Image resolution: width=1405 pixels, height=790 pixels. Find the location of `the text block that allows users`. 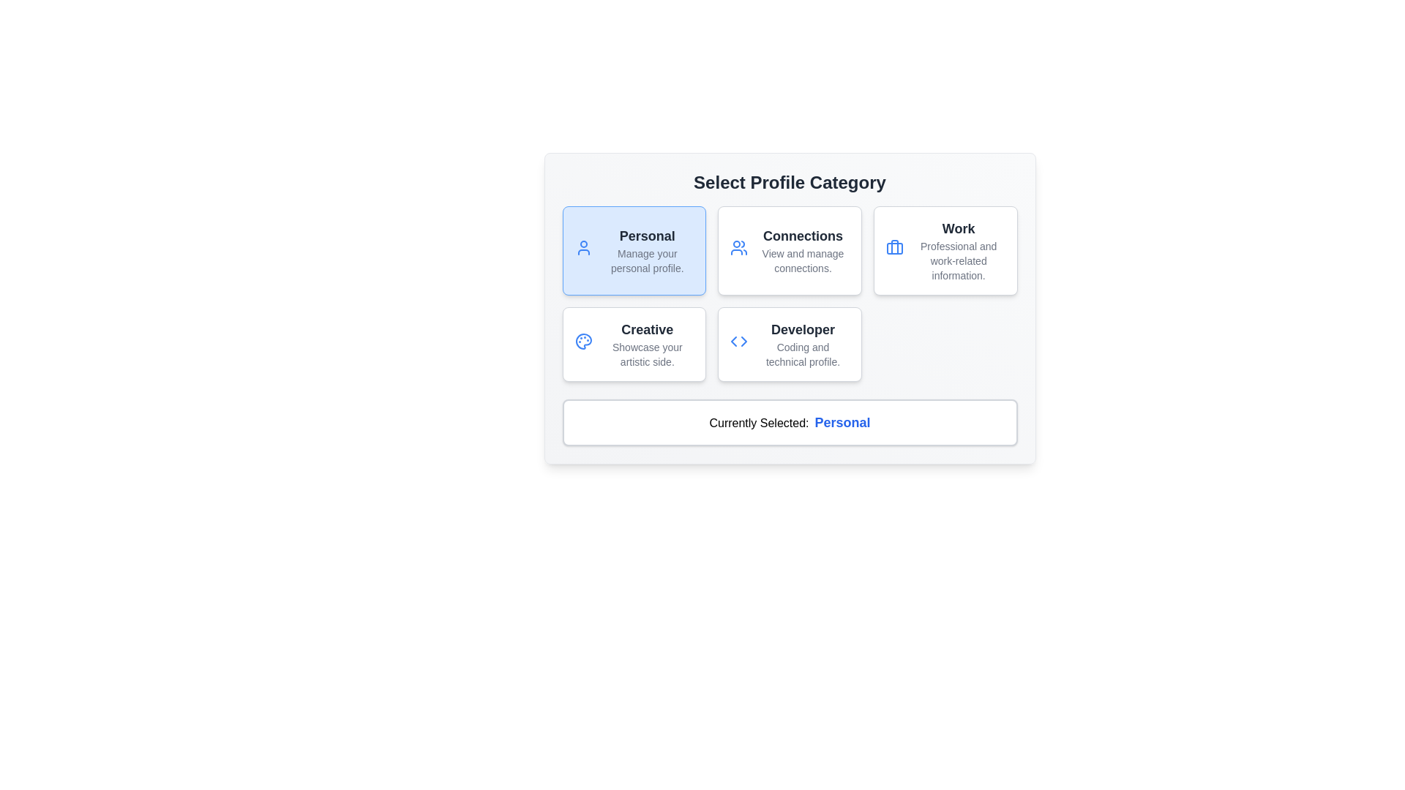

the text block that allows users is located at coordinates (802, 250).